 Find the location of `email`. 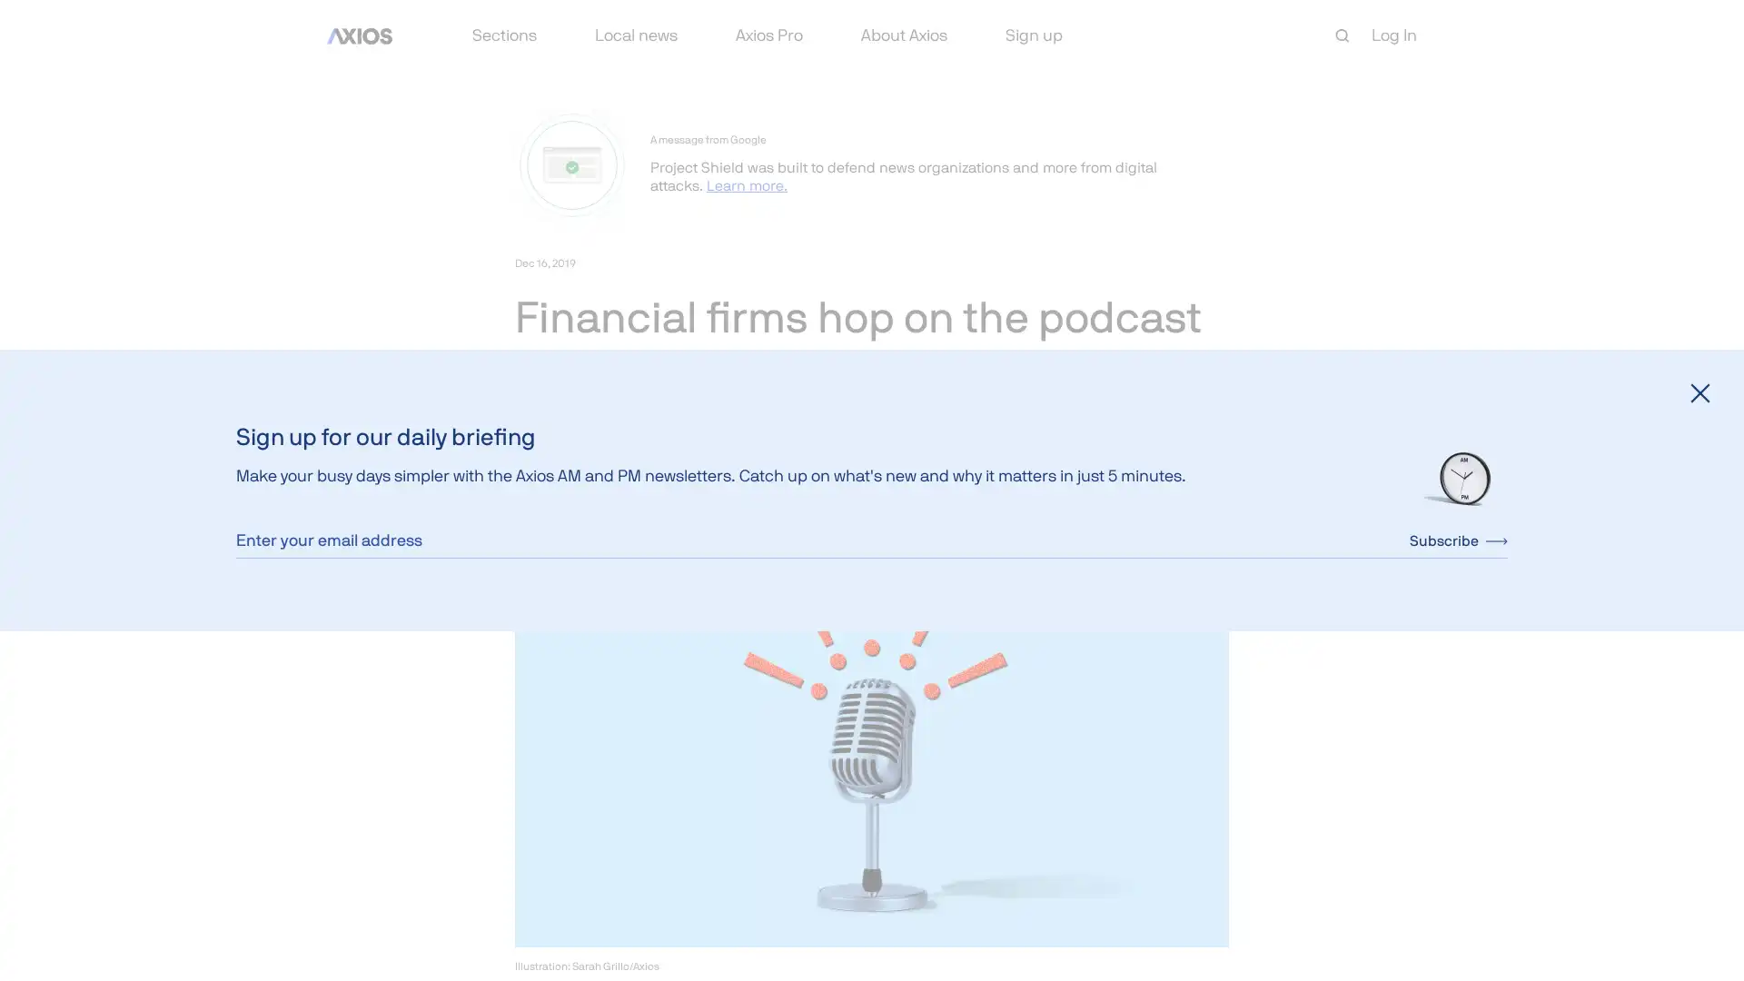

email is located at coordinates (658, 493).